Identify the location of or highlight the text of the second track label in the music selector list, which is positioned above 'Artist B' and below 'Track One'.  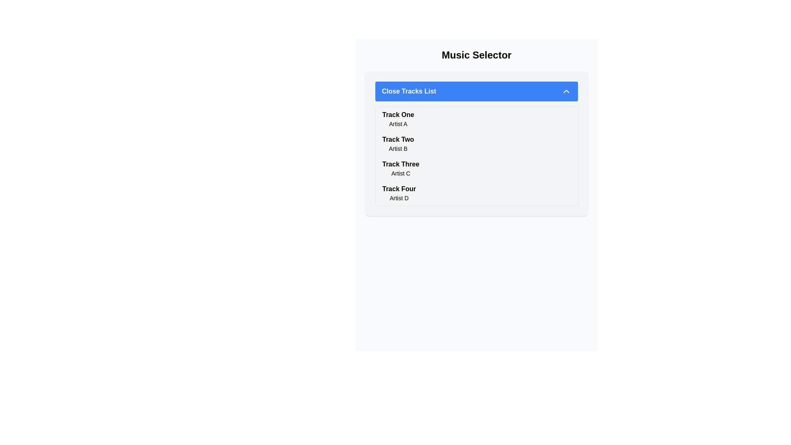
(398, 139).